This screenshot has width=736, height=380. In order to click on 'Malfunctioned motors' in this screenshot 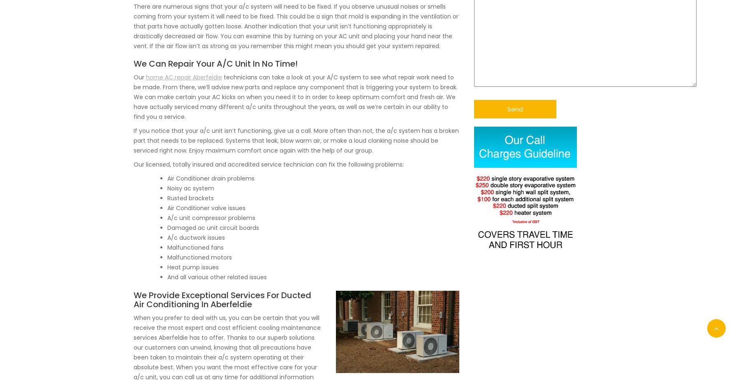, I will do `click(199, 257)`.